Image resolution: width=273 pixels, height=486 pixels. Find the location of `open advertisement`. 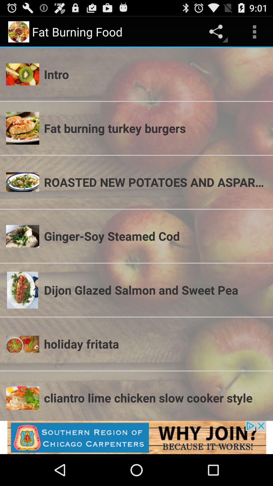

open advertisement is located at coordinates (136, 437).